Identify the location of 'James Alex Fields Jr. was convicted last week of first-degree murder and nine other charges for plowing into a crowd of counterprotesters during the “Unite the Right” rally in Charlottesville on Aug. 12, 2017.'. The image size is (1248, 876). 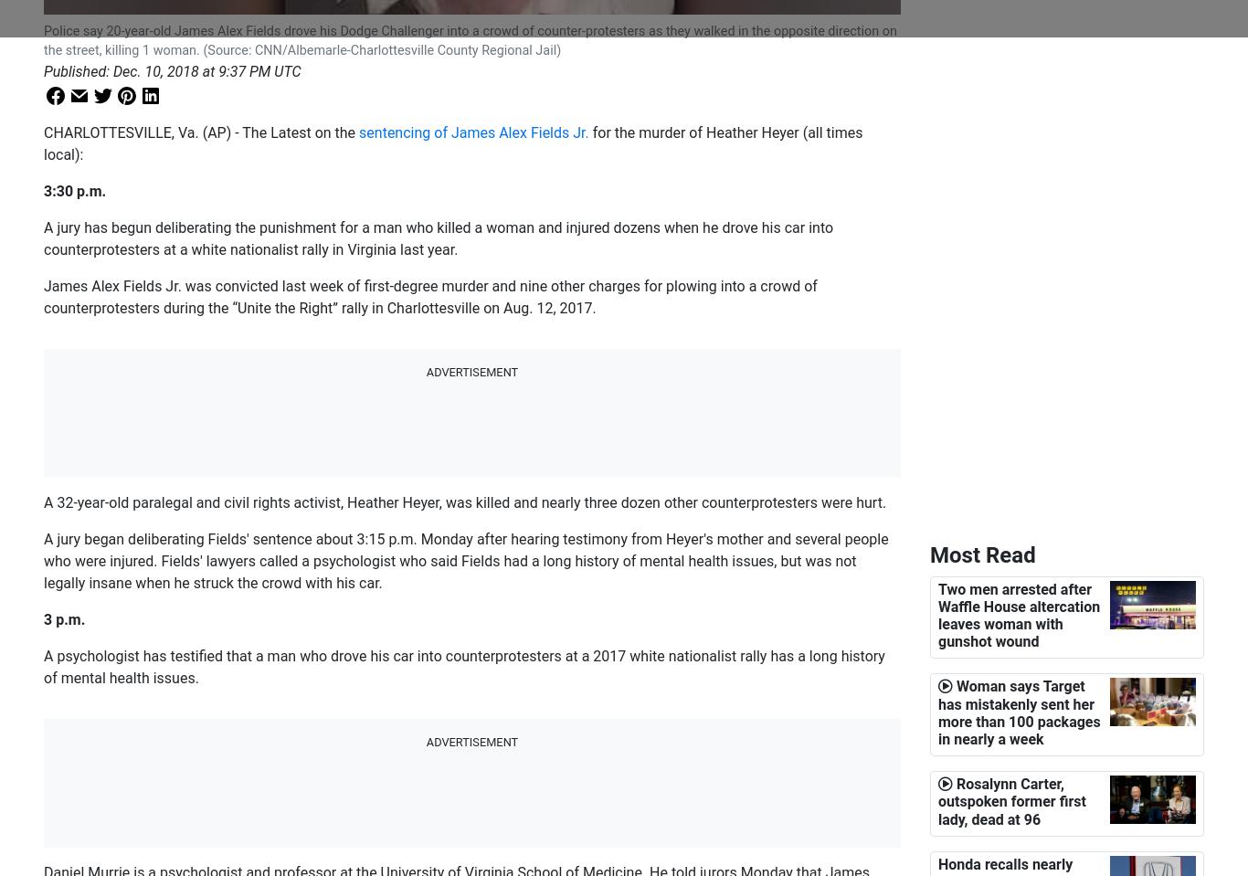
(429, 295).